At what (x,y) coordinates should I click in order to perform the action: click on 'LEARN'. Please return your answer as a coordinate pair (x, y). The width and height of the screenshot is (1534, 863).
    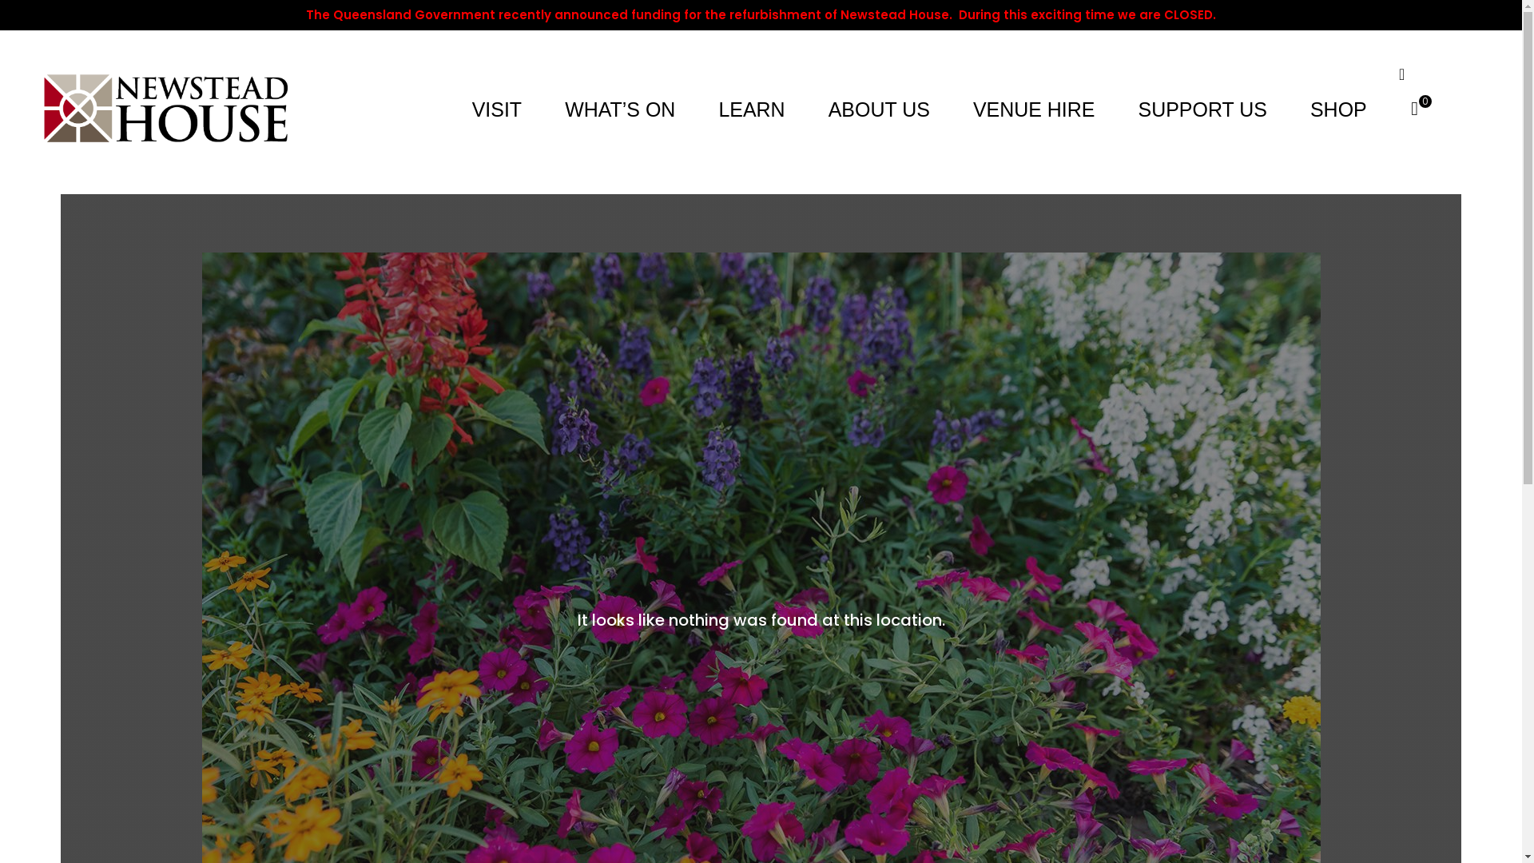
    Looking at the image, I should click on (713, 109).